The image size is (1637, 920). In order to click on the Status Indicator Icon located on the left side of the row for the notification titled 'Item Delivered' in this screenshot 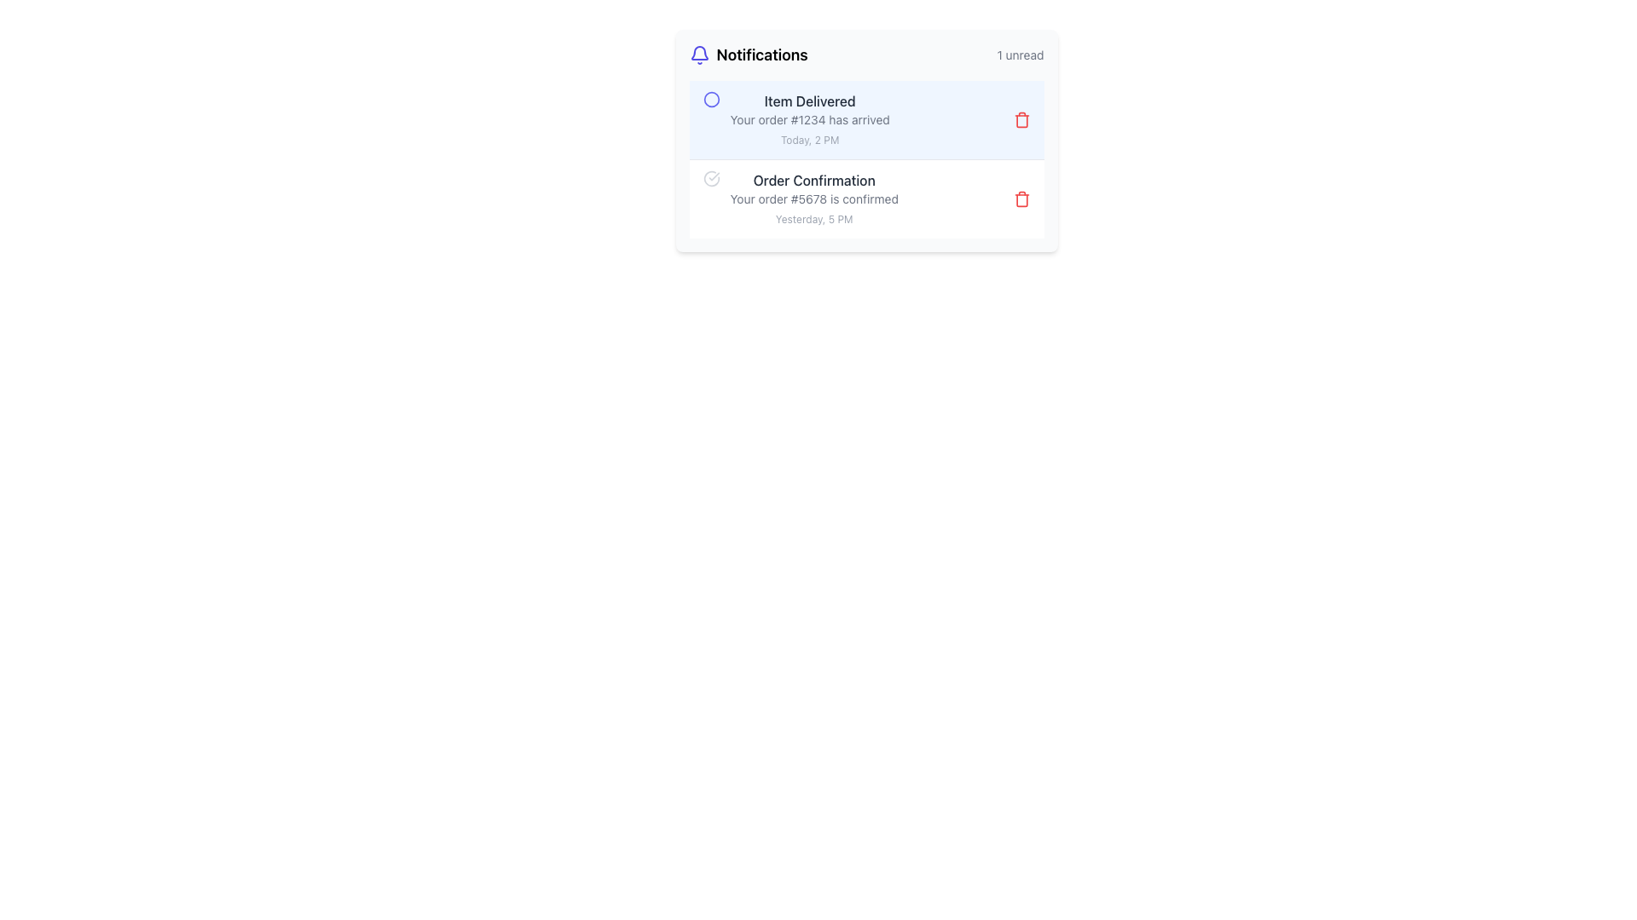, I will do `click(711, 99)`.